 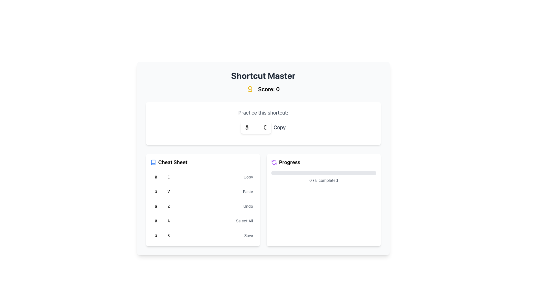 What do you see at coordinates (324, 180) in the screenshot?
I see `the progress indicator text label that shows '0 / 5 completed', positioned centrally below the progress bar in the bottom section of the card under the 'Progress' header` at bounding box center [324, 180].